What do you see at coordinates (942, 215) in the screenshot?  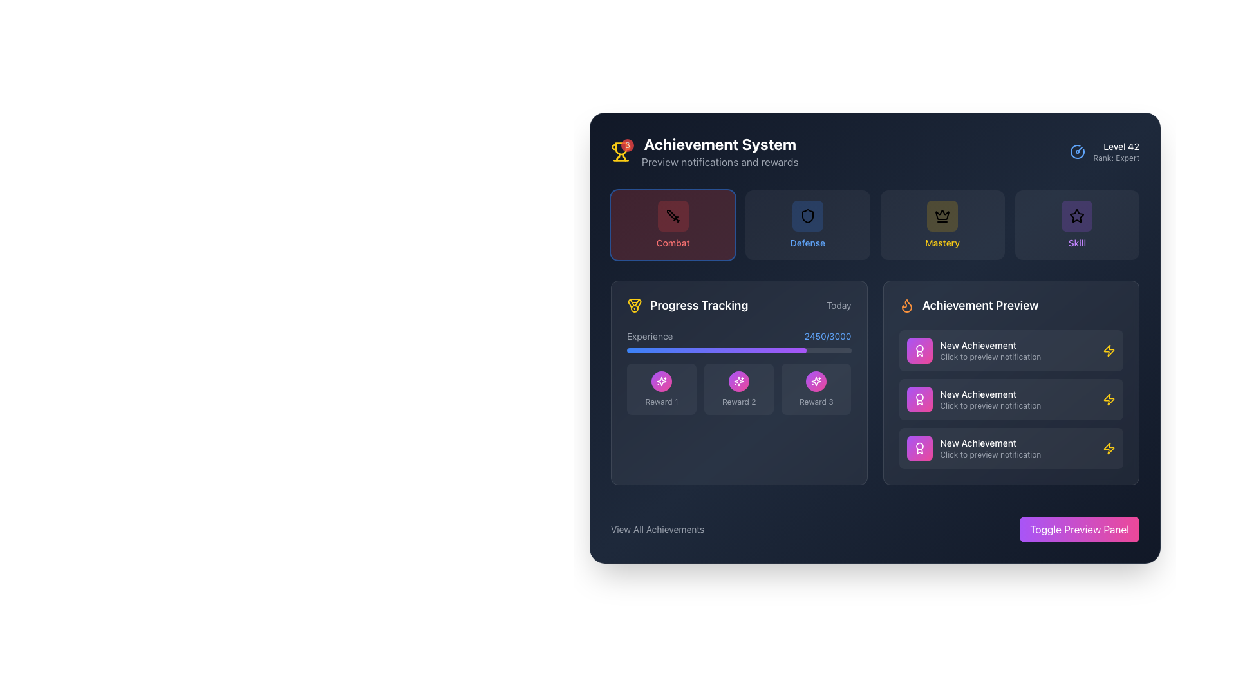 I see `the 'Mastery' category icon, which is the main icon in the top row of categories` at bounding box center [942, 215].